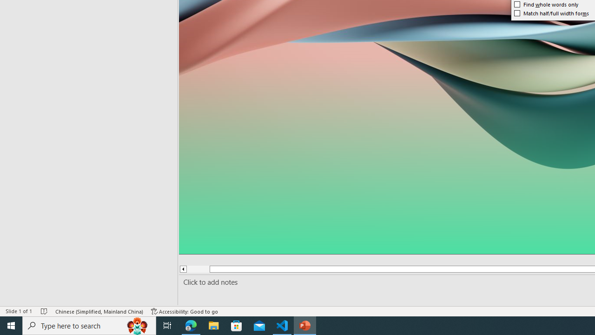 The height and width of the screenshot is (335, 595). I want to click on 'Microsoft Store', so click(237, 325).